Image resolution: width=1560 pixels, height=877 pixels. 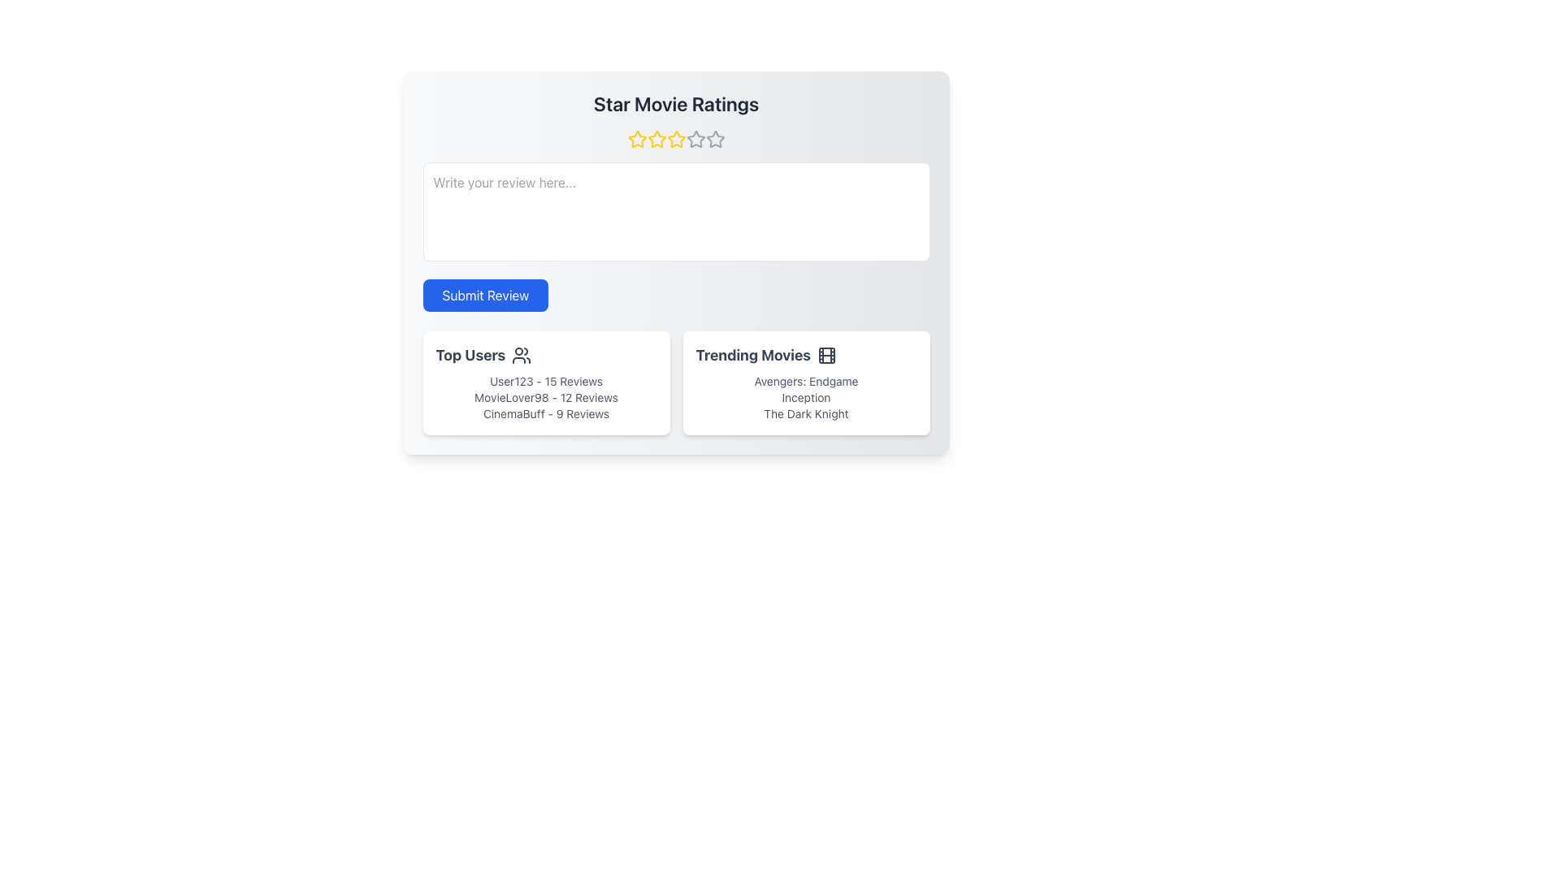 What do you see at coordinates (656, 139) in the screenshot?
I see `the third star icon in the 'Star Movie Ratings' section` at bounding box center [656, 139].